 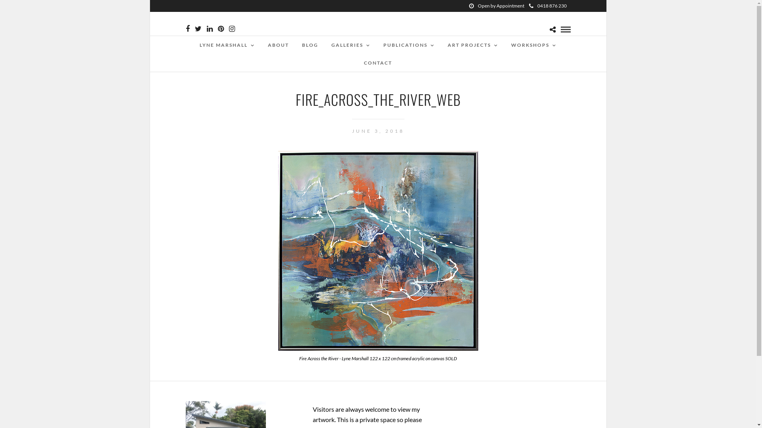 I want to click on 'ART PROJECTS', so click(x=441, y=45).